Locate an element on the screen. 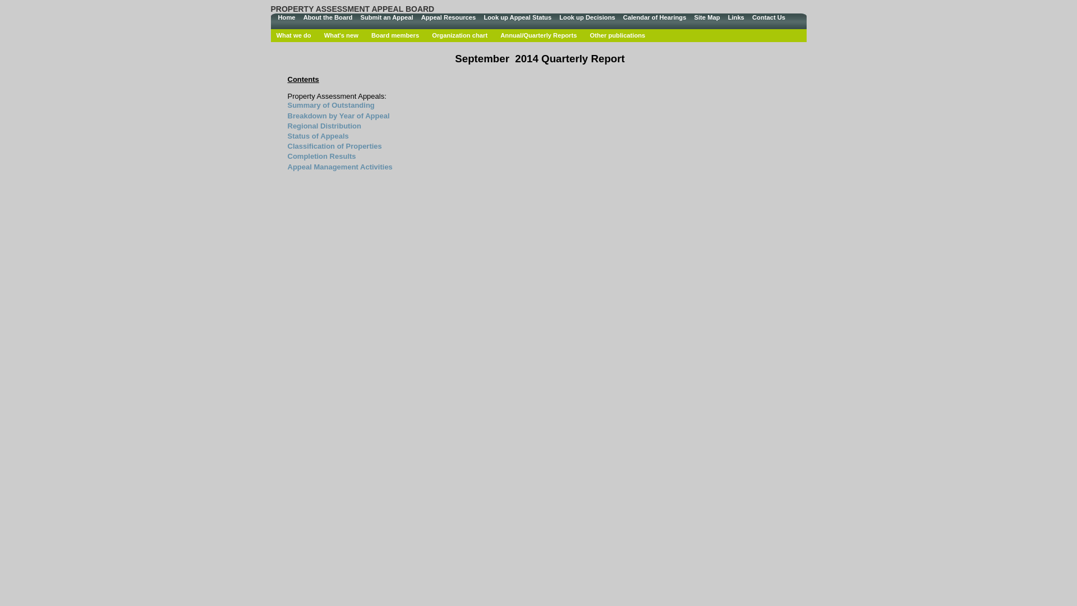 Image resolution: width=1077 pixels, height=606 pixels. 'Look up Appeal Status' is located at coordinates (517, 17).